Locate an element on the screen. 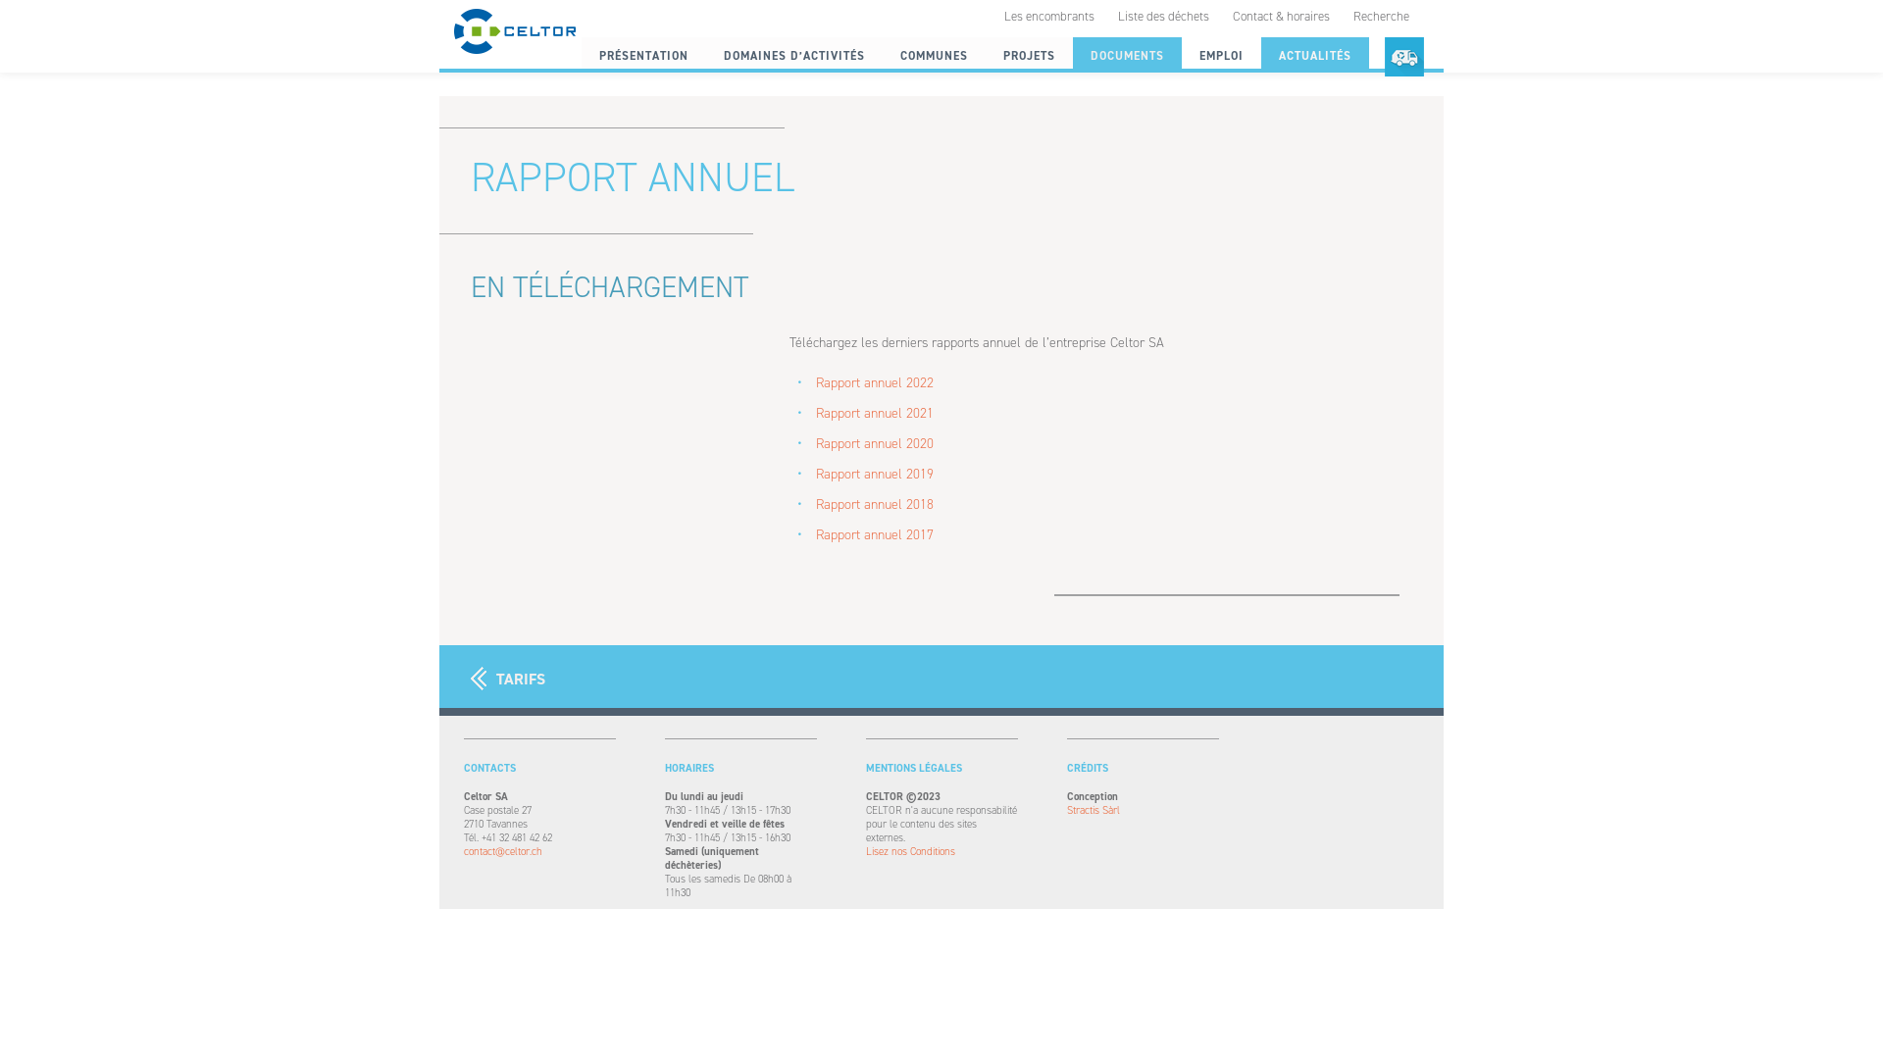  'Rapport annuel 2020' is located at coordinates (874, 443).